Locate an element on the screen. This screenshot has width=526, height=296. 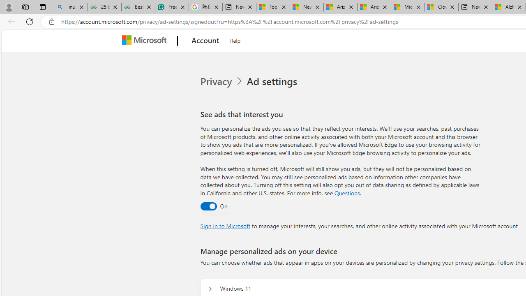
'Free AI Writing Assistance for Students | Grammarly' is located at coordinates (171, 7).